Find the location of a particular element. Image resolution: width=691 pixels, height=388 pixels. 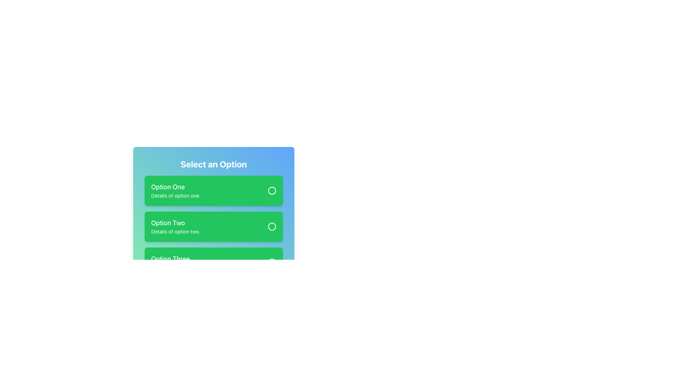

the Radio selection indicator located within the green rectangular section labeled 'Option Two' is located at coordinates (271, 227).